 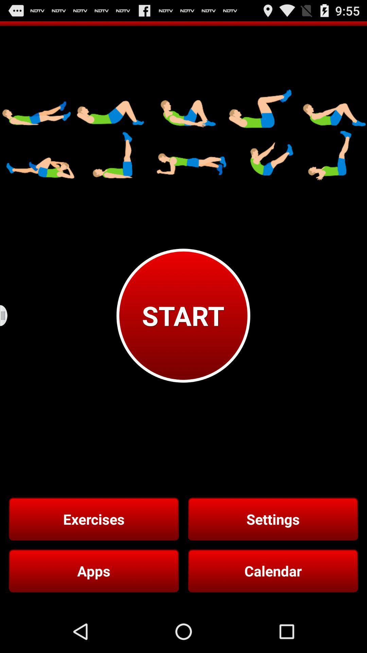 I want to click on settings, so click(x=273, y=519).